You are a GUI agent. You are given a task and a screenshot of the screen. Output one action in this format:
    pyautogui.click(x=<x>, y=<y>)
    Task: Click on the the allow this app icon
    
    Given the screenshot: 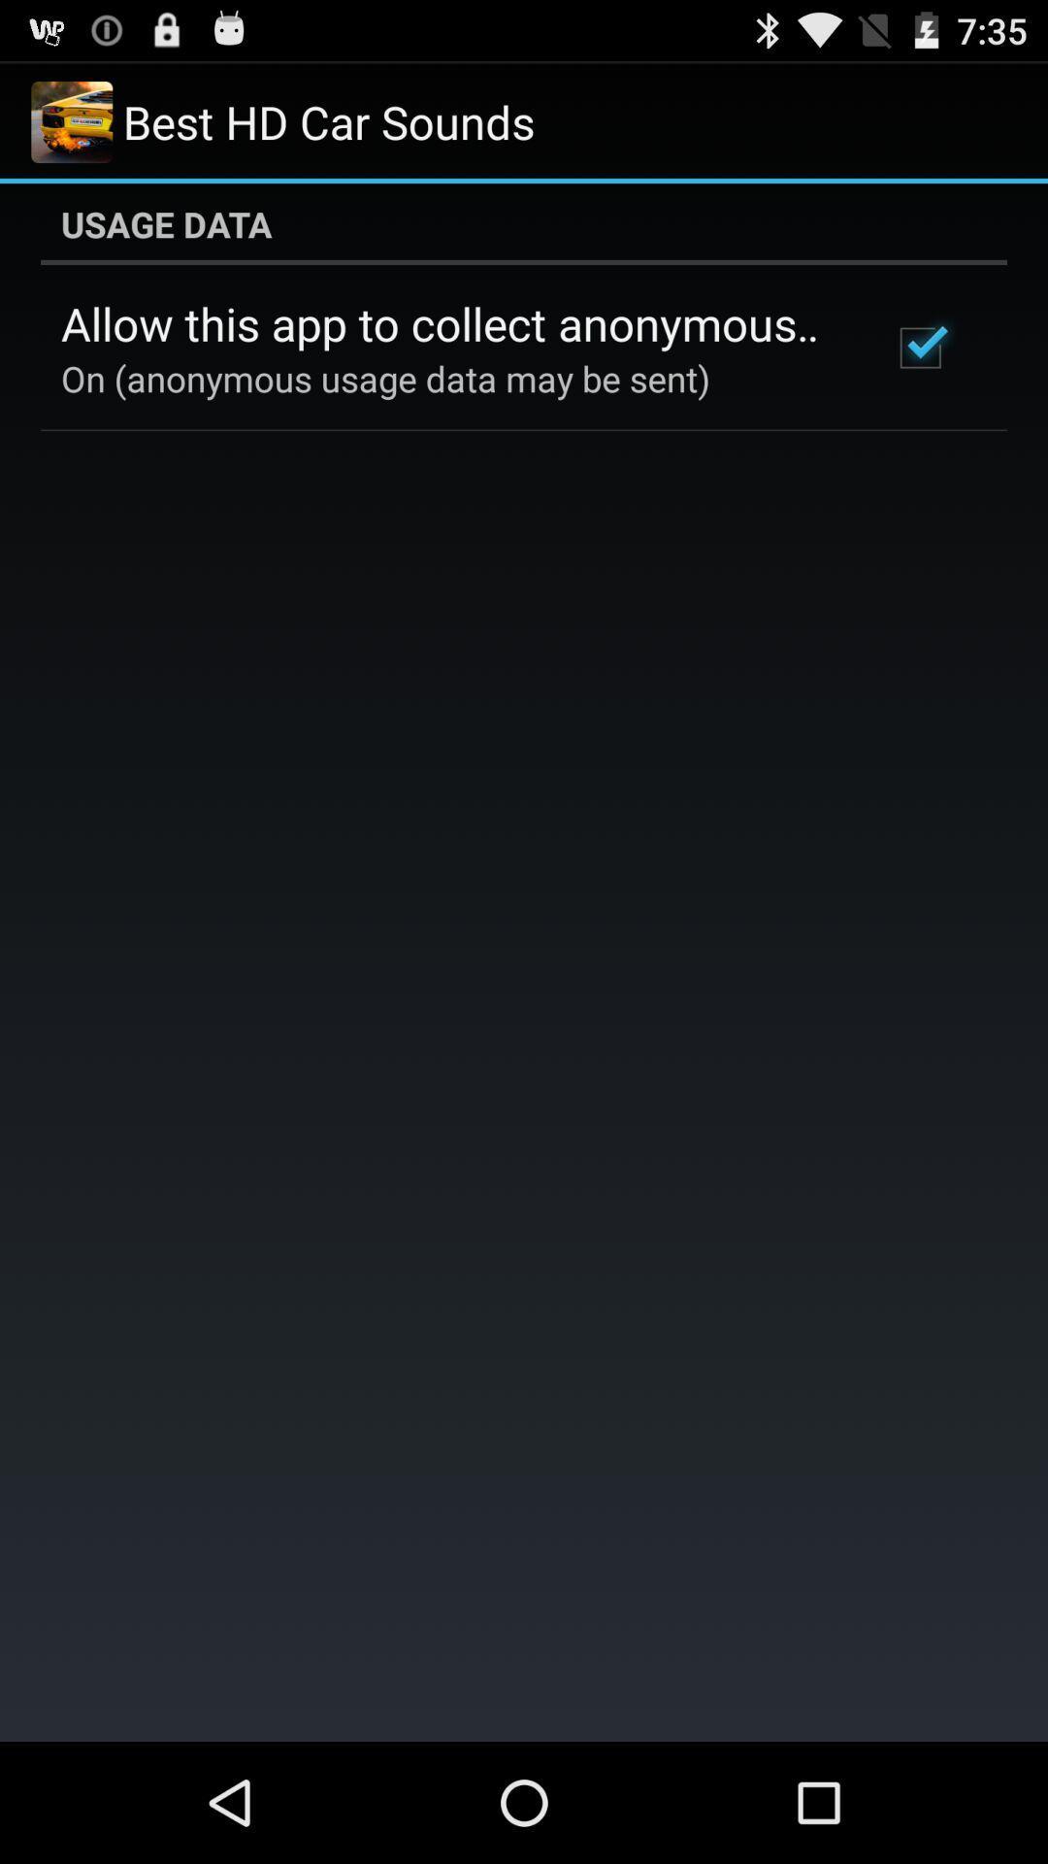 What is the action you would take?
    pyautogui.click(x=449, y=323)
    